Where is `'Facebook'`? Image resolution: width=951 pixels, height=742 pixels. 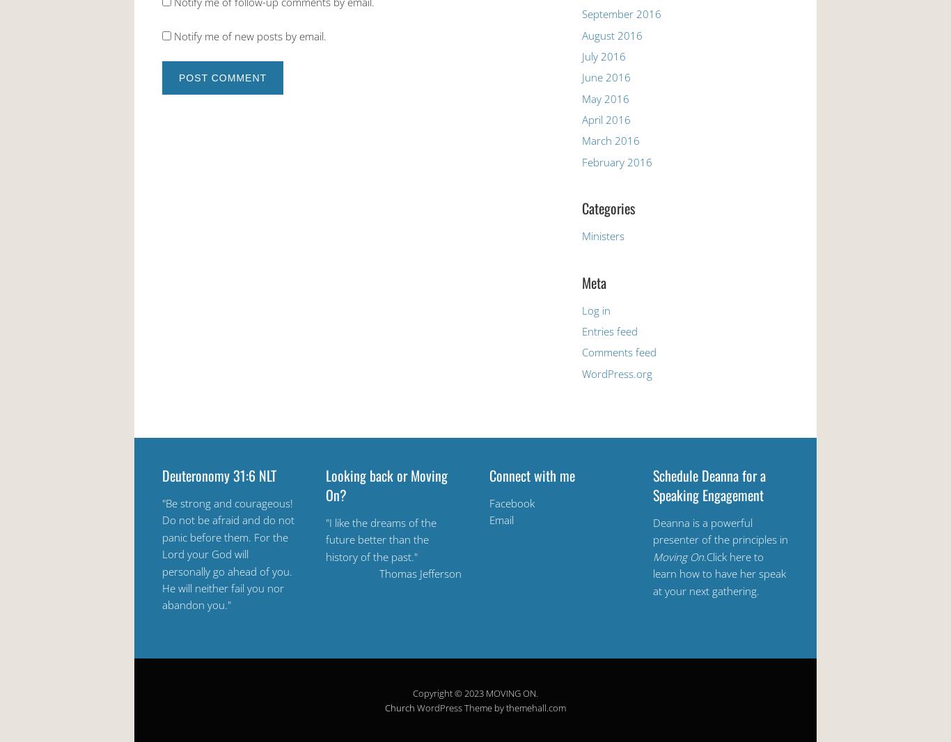 'Facebook' is located at coordinates (489, 502).